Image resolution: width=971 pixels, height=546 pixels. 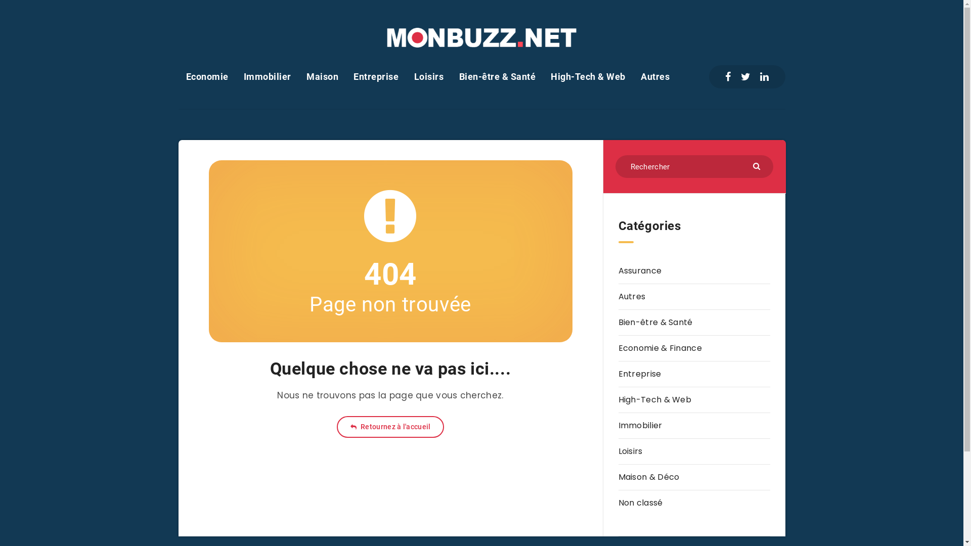 I want to click on 'Economie & Finance', so click(x=659, y=348).